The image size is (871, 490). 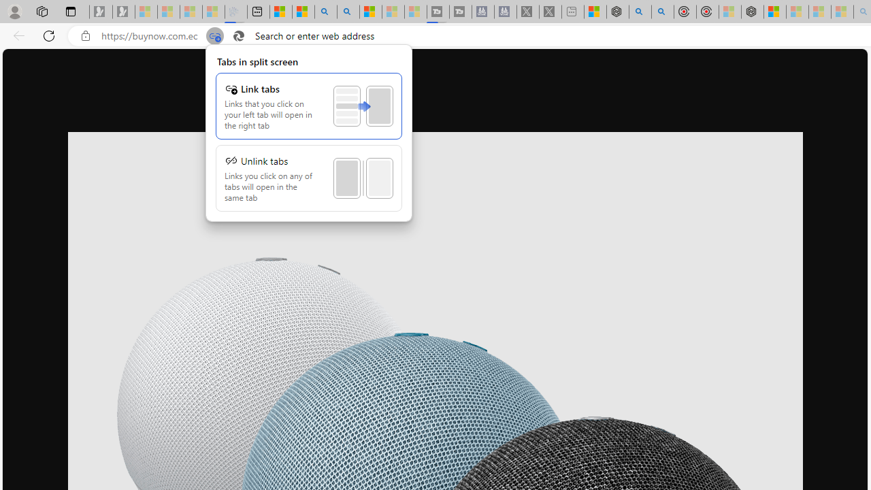 I want to click on 'poe ++ standard - Search', so click(x=662, y=12).